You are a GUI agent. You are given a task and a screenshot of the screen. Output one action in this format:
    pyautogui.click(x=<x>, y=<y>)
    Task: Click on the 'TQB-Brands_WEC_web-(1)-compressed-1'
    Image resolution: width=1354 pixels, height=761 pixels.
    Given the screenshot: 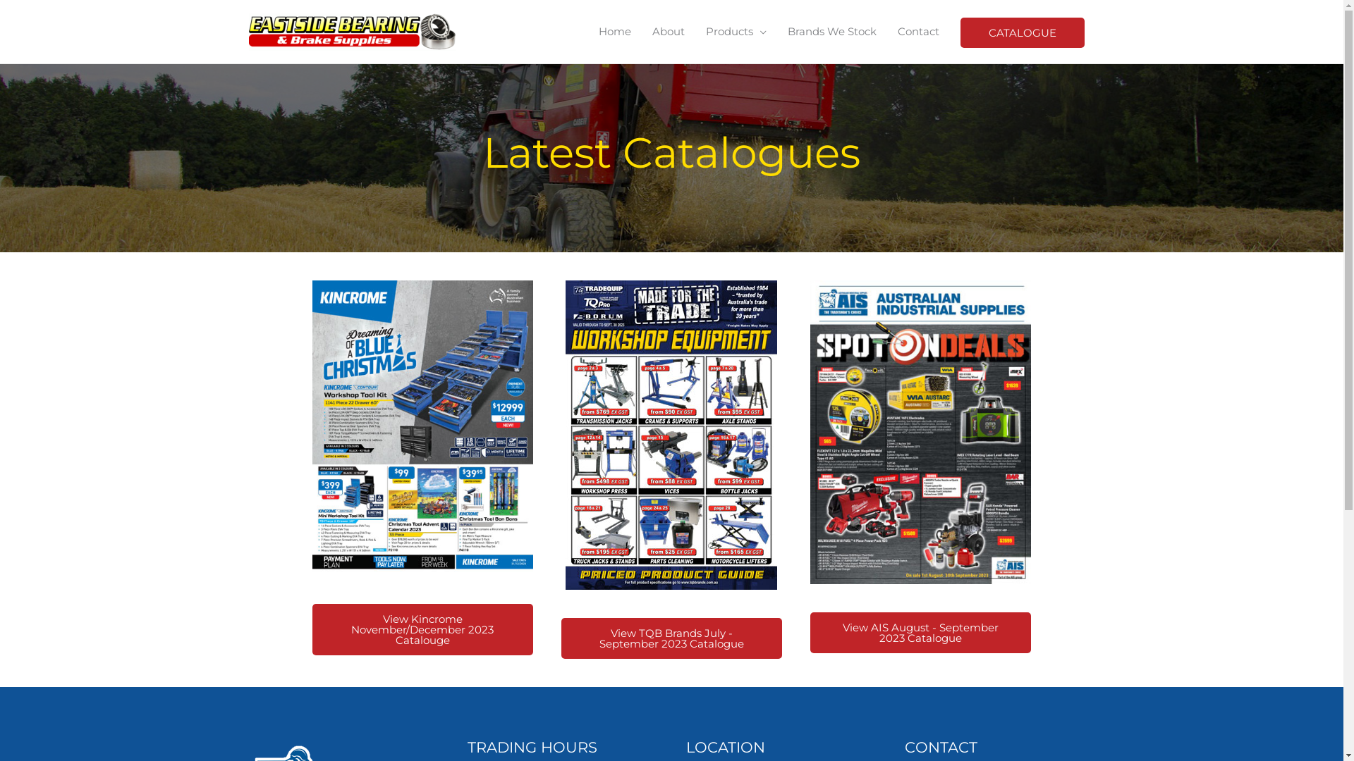 What is the action you would take?
    pyautogui.click(x=670, y=434)
    